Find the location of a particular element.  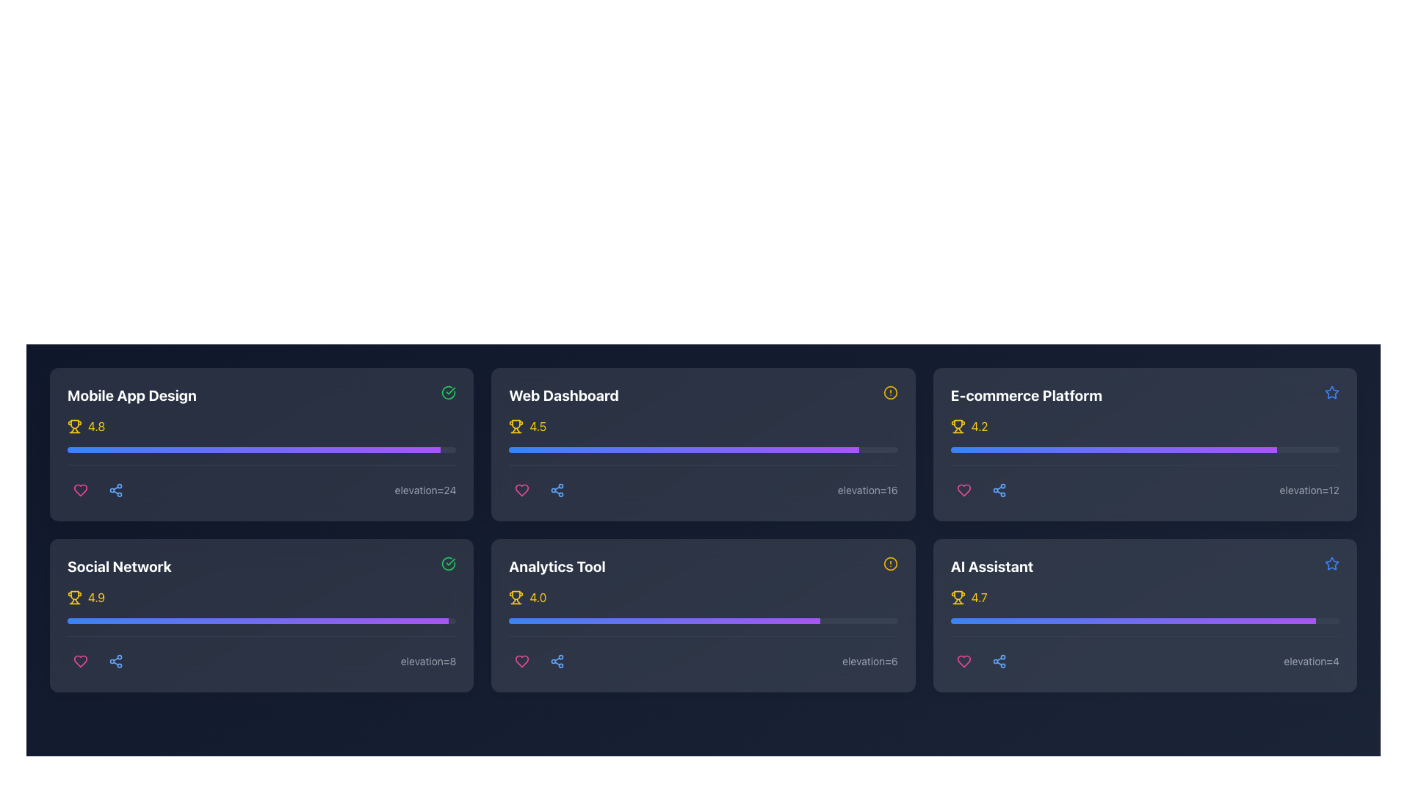

the trophy icon that signifies an award or achievement, located in the bottom row, second column of the 'Analytics Tool' card is located at coordinates (516, 595).